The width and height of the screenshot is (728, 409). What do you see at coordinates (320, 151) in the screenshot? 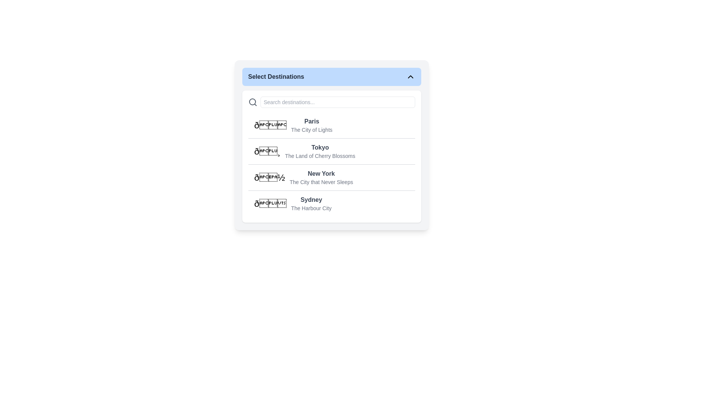
I see `the text block that prominently displays 'Tokyo' as a heading and 'The Land of Cherry Blossoms' as a subtitle` at bounding box center [320, 151].